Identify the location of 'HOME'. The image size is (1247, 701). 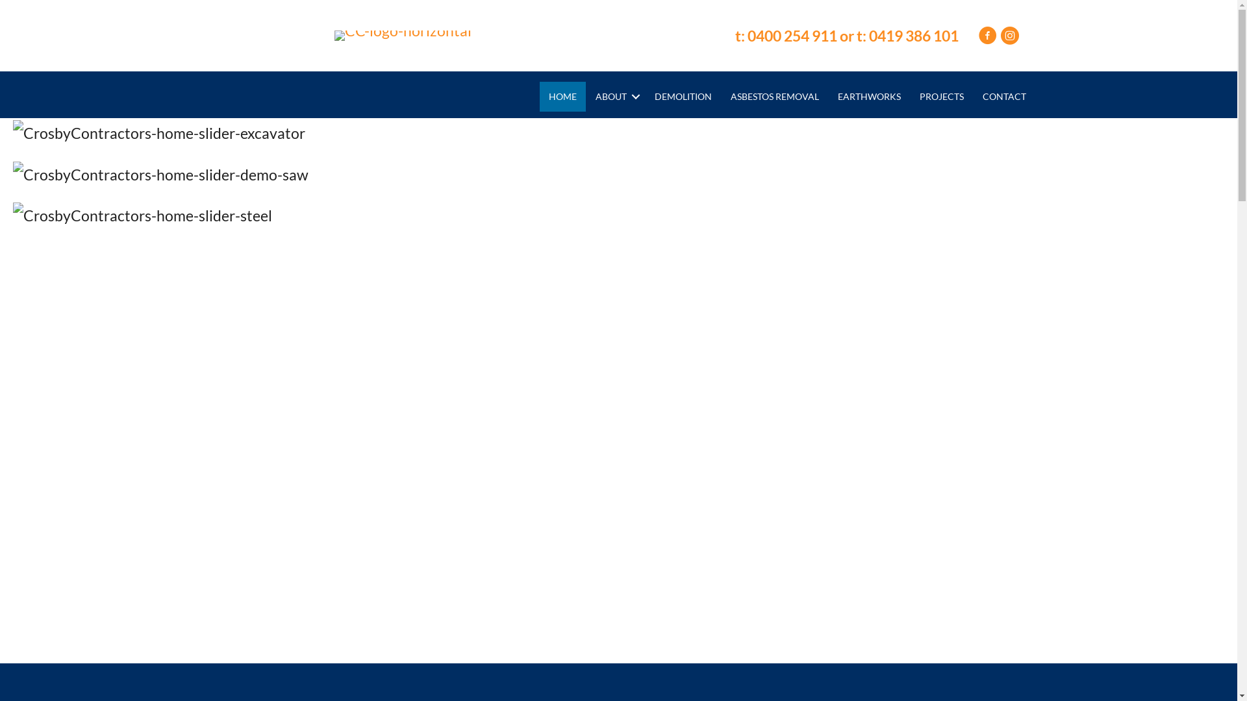
(562, 96).